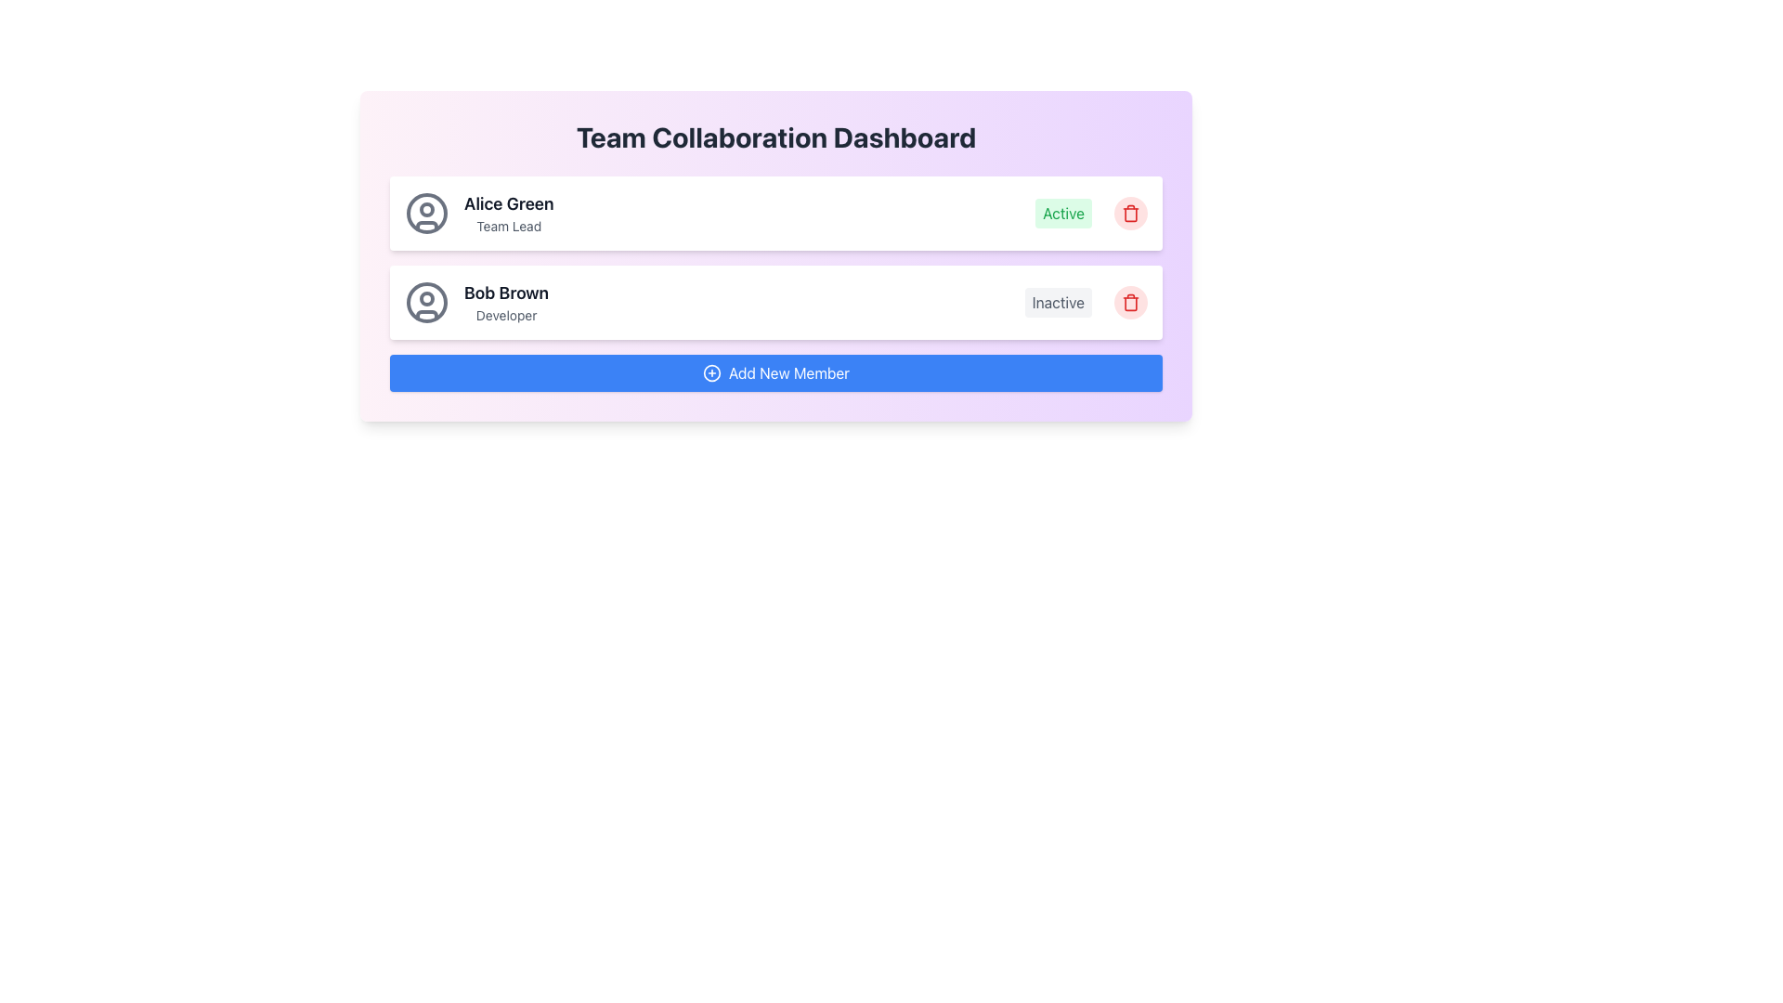  I want to click on the user icon representing Bob Brown - Developer, located in the second row of the list, so click(426, 302).